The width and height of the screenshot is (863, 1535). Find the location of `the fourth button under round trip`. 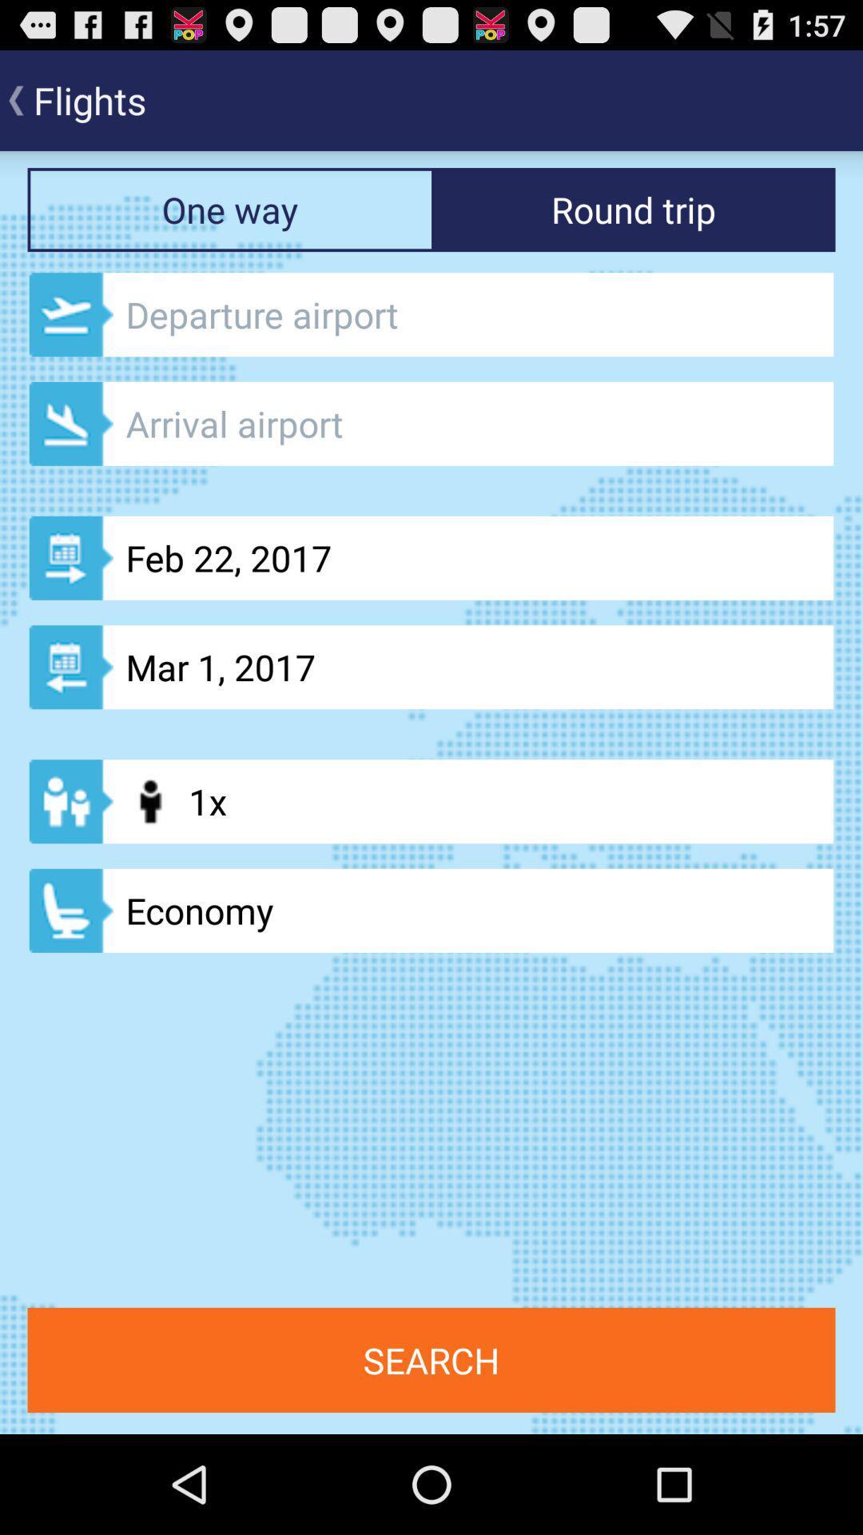

the fourth button under round trip is located at coordinates (431, 667).